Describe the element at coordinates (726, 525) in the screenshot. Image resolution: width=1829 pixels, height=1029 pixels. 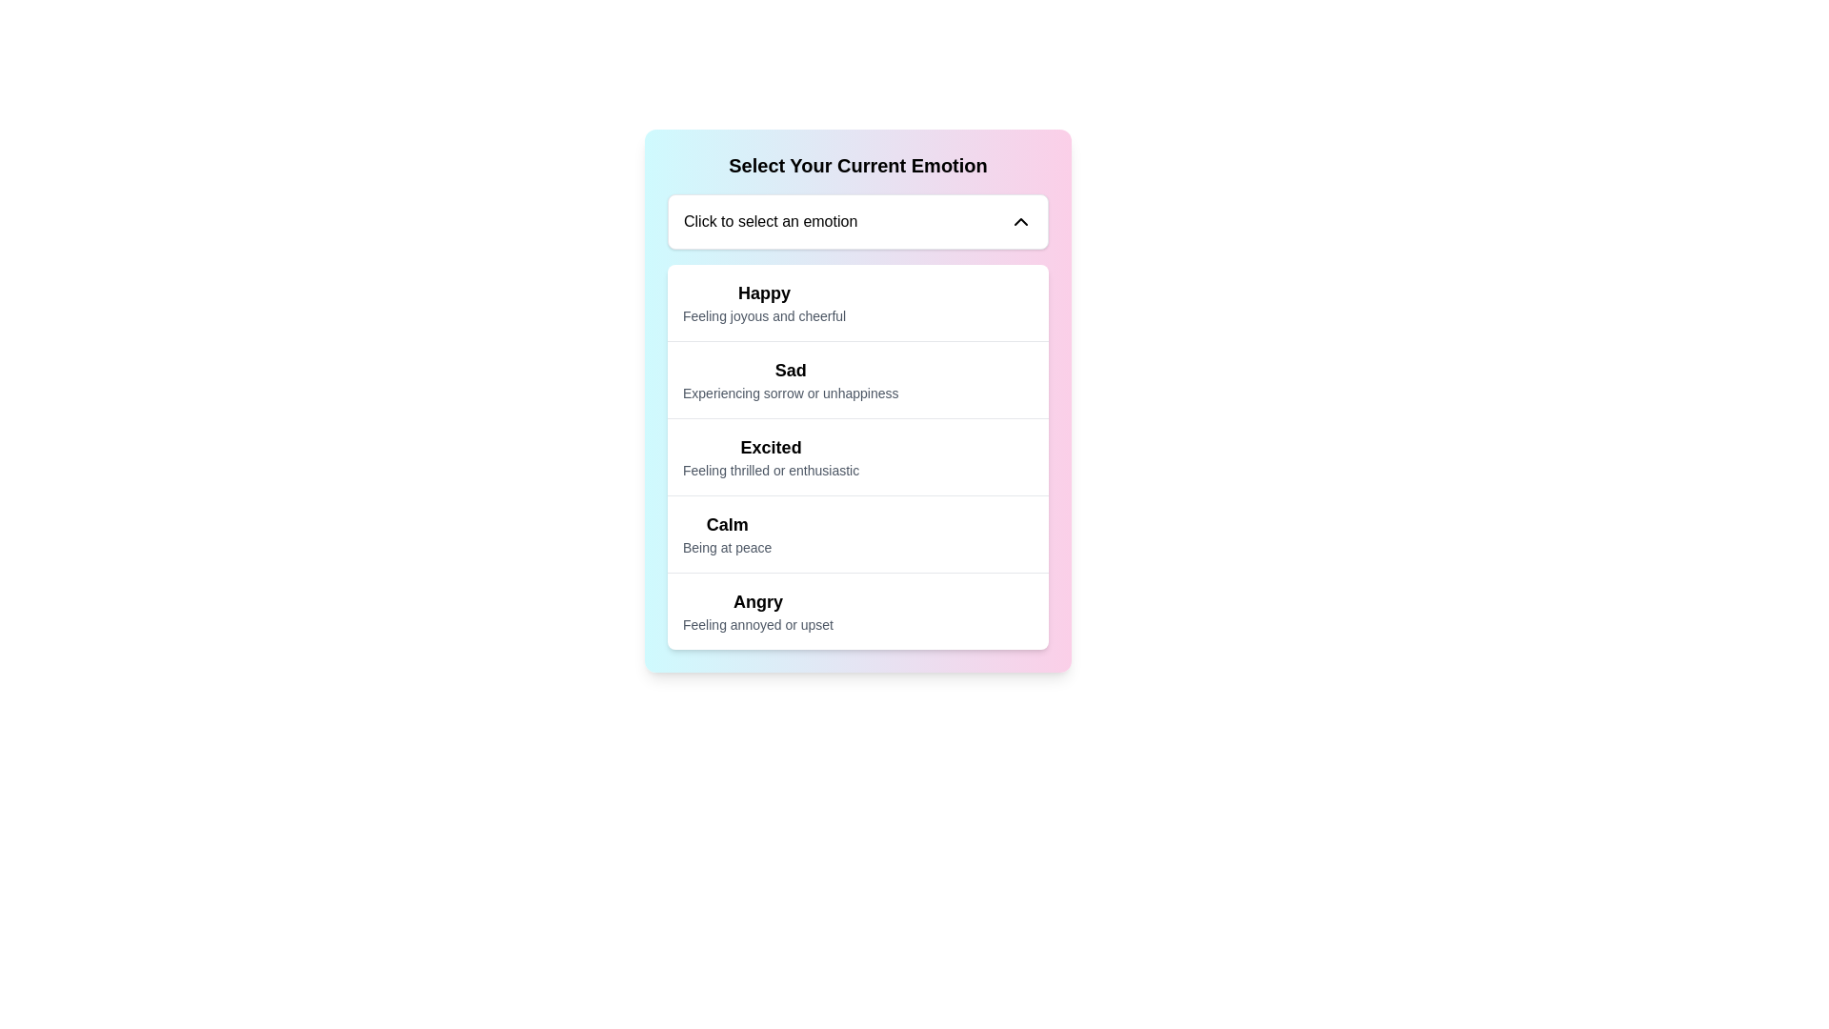
I see `the bold label reading 'Calm', which is the third item in a list of emotions, positioned above the text 'Being at peace'` at that location.